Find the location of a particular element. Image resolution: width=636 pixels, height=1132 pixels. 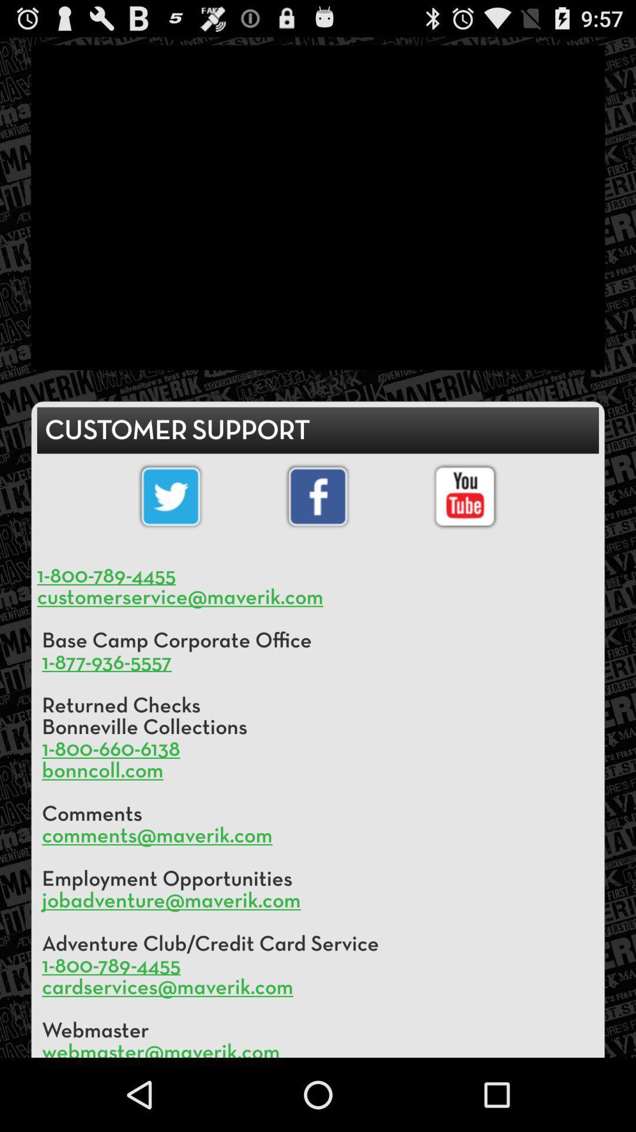

the facebook icon is located at coordinates (318, 531).